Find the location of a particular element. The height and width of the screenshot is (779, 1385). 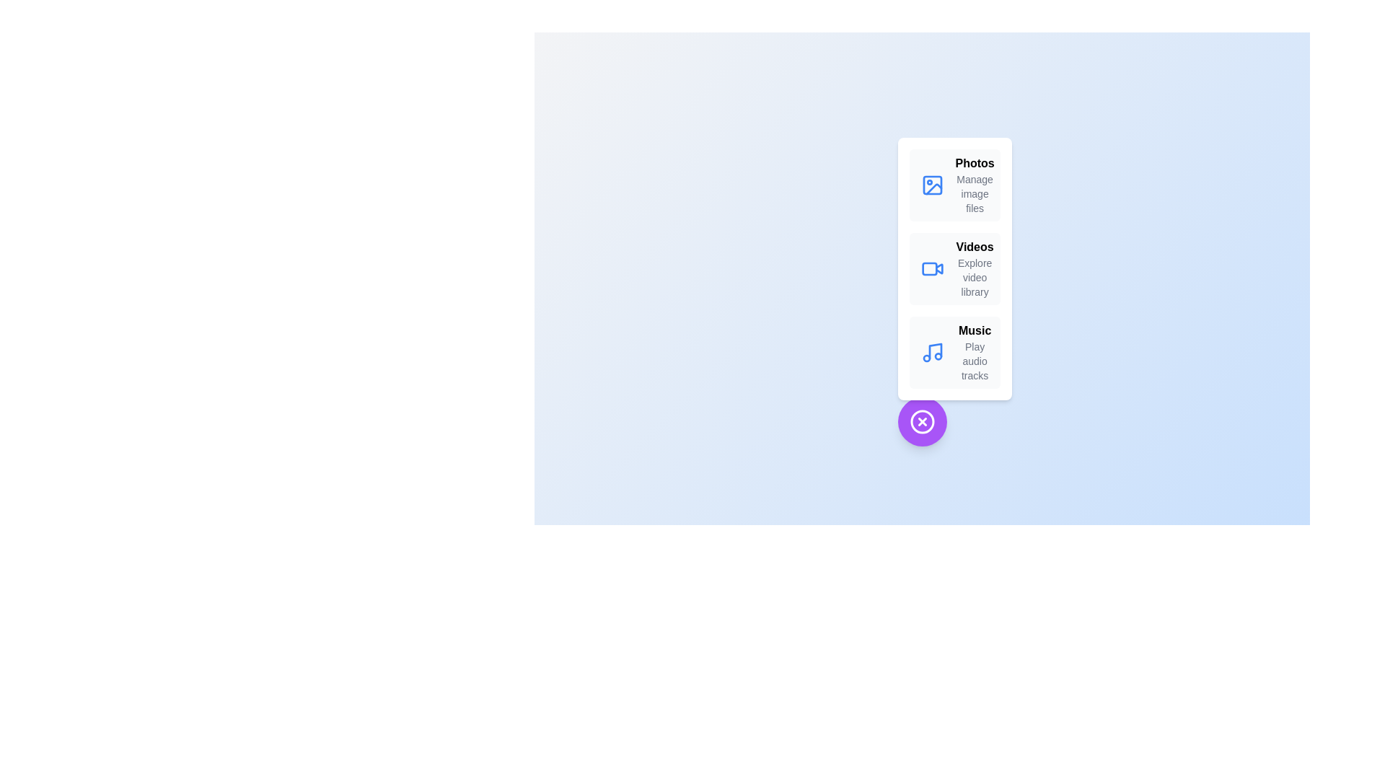

the 'Photos' option to select it is located at coordinates (975, 163).